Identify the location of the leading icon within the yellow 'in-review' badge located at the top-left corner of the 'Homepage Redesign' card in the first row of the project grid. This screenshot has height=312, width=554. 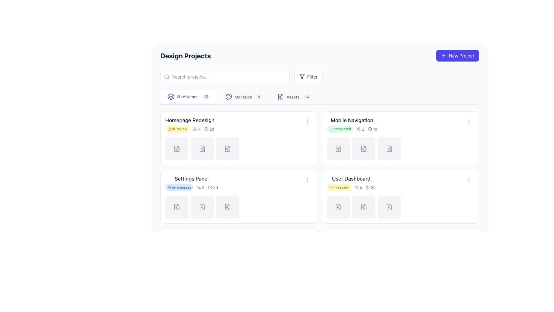
(169, 129).